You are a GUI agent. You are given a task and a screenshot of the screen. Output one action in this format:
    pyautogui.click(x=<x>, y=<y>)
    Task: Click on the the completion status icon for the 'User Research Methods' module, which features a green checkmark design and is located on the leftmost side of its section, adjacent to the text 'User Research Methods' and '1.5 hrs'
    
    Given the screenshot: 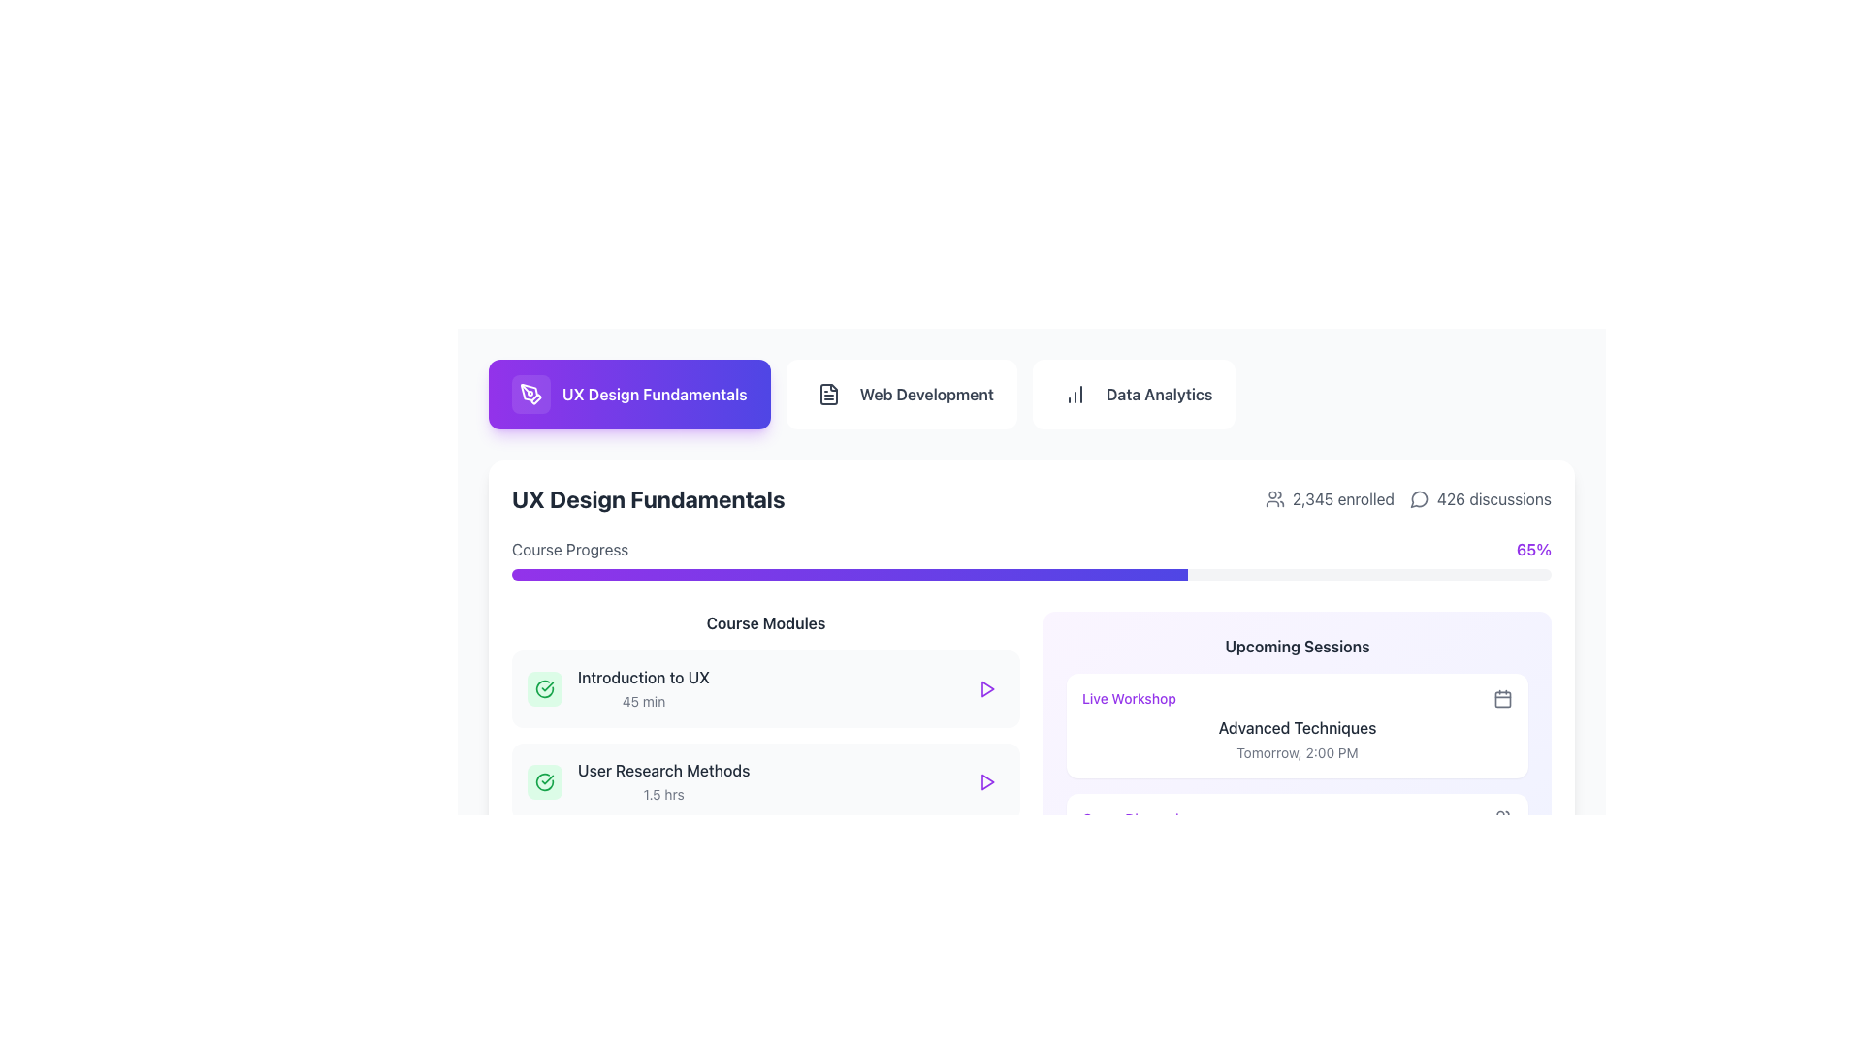 What is the action you would take?
    pyautogui.click(x=543, y=780)
    